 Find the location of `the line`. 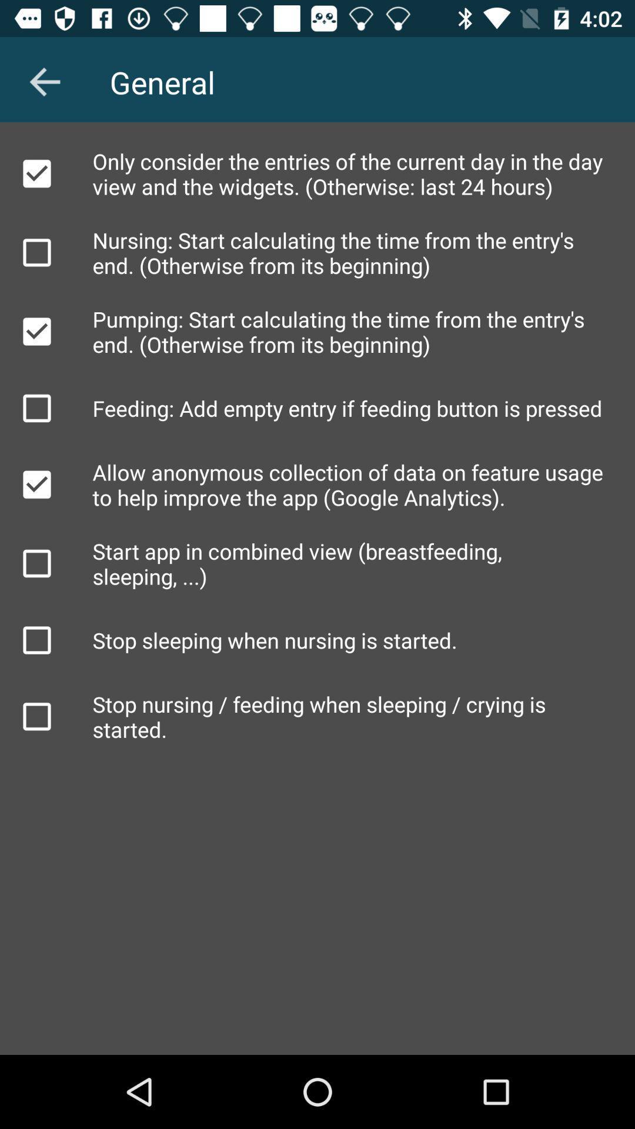

the line is located at coordinates (36, 173).